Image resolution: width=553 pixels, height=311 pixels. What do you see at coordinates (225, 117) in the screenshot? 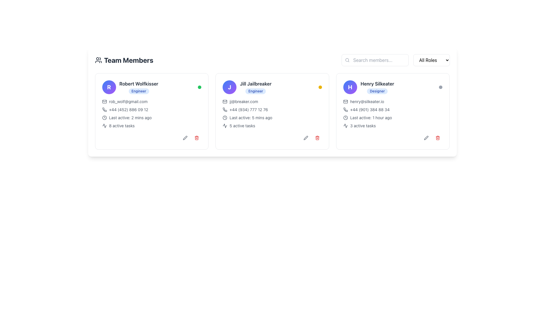
I see `the visual indicator icon next to the 'Last active: 5 mins ago' text in the 'Jill Jailbreaker' card` at bounding box center [225, 117].